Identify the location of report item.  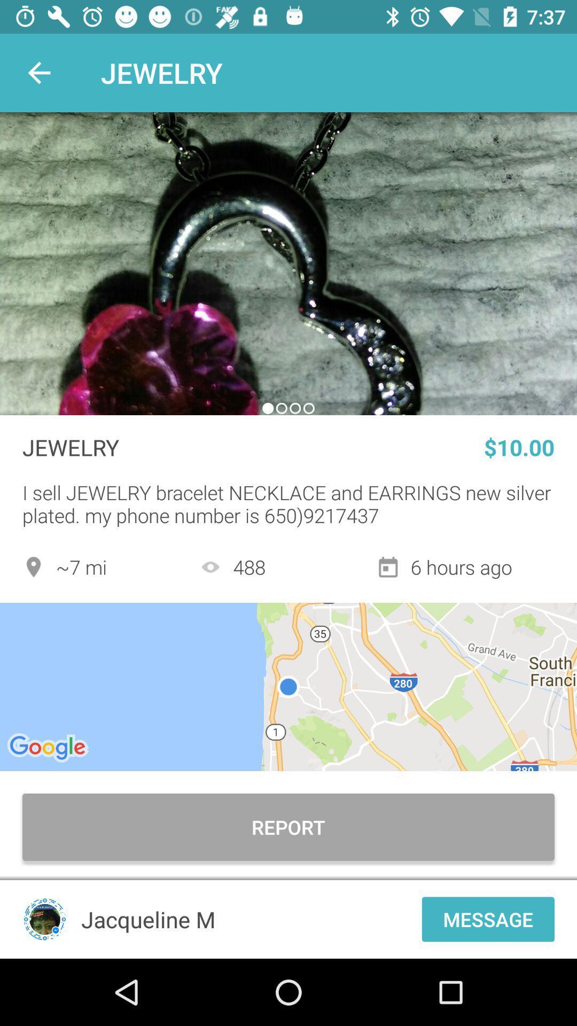
(288, 827).